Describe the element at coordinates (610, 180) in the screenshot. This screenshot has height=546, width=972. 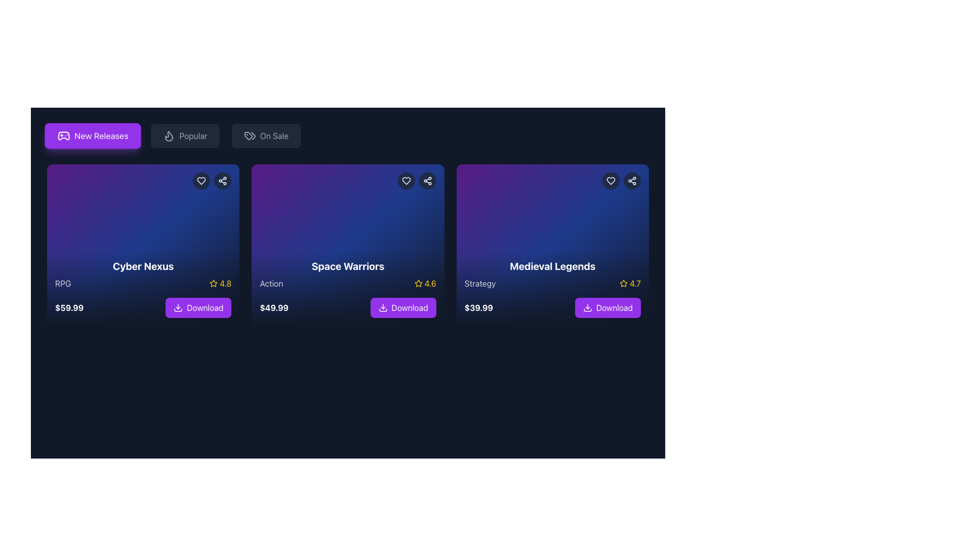
I see `the 'like' or 'favorite' button with an icon located in the top-right corner of the 'Medieval Legends' card to indicate preference for the related content` at that location.